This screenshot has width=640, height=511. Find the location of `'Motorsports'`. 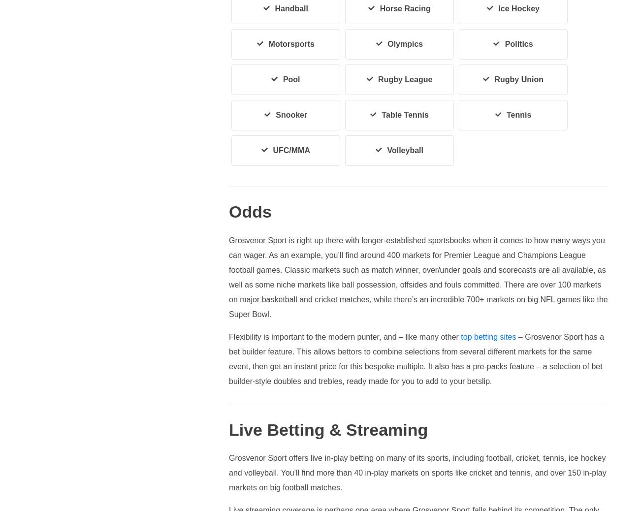

'Motorsports' is located at coordinates (290, 43).